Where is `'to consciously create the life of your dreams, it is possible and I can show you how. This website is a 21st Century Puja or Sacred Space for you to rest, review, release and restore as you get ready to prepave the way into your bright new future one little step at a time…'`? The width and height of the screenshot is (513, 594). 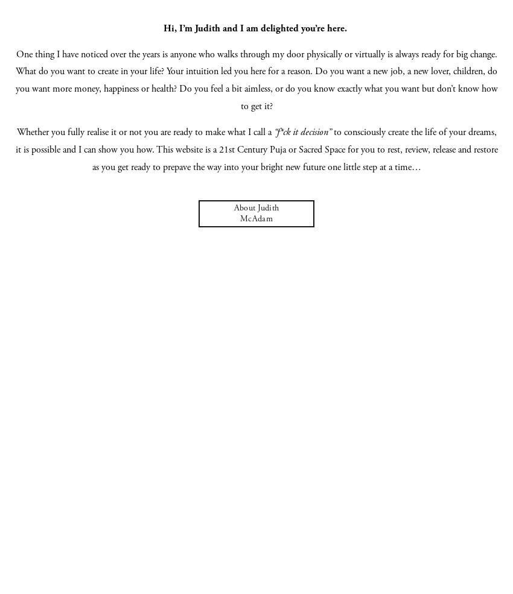 'to consciously create the life of your dreams, it is possible and I can show you how. This website is a 21st Century Puja or Sacred Space for you to rest, review, release and restore as you get ready to prepave the way into your bright new future one little step at a time…' is located at coordinates (256, 149).